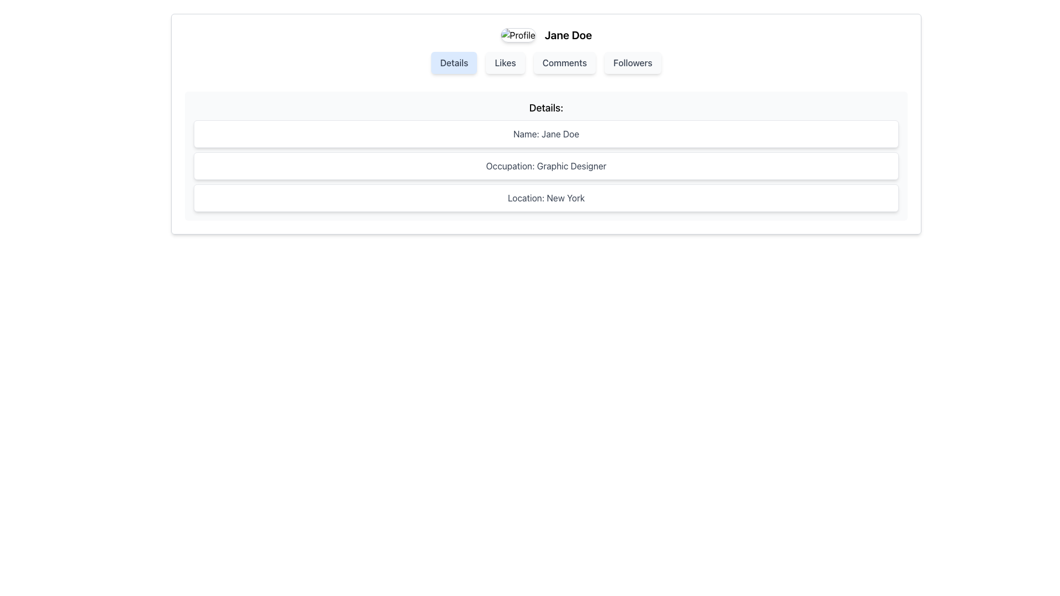 This screenshot has width=1060, height=596. I want to click on the Static Text Display that reads 'Location: New York', which is the third element in a vertically stacked group, located directly below the 'Occupation: Graphic Designer' component, so click(546, 197).